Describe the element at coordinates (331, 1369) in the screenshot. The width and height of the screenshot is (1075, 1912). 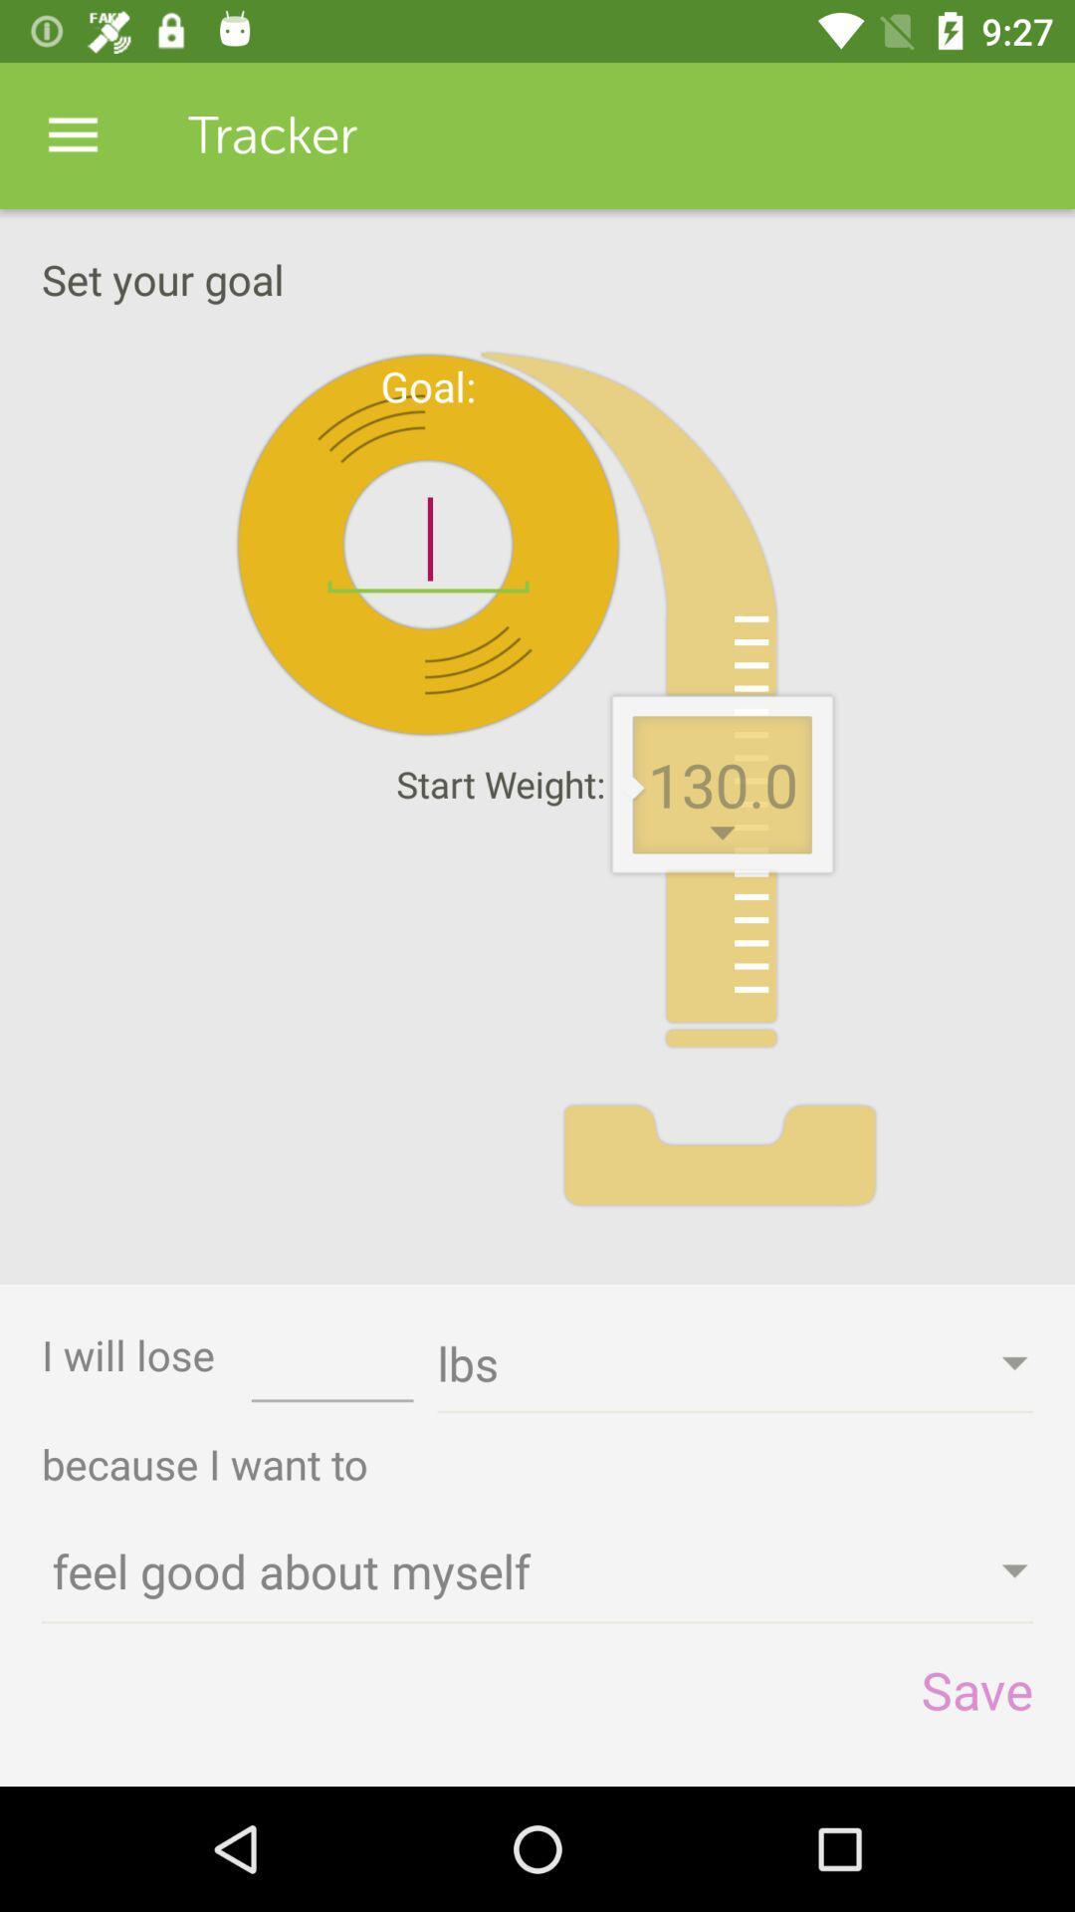
I see `the icon to the right of the i will lose` at that location.